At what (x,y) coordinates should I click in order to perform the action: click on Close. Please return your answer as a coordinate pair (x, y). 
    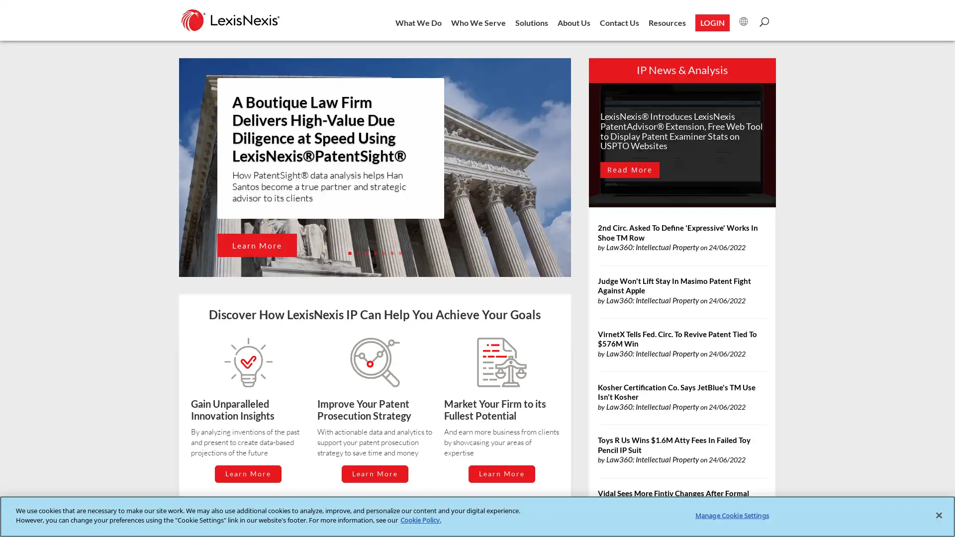
    Looking at the image, I should click on (938, 515).